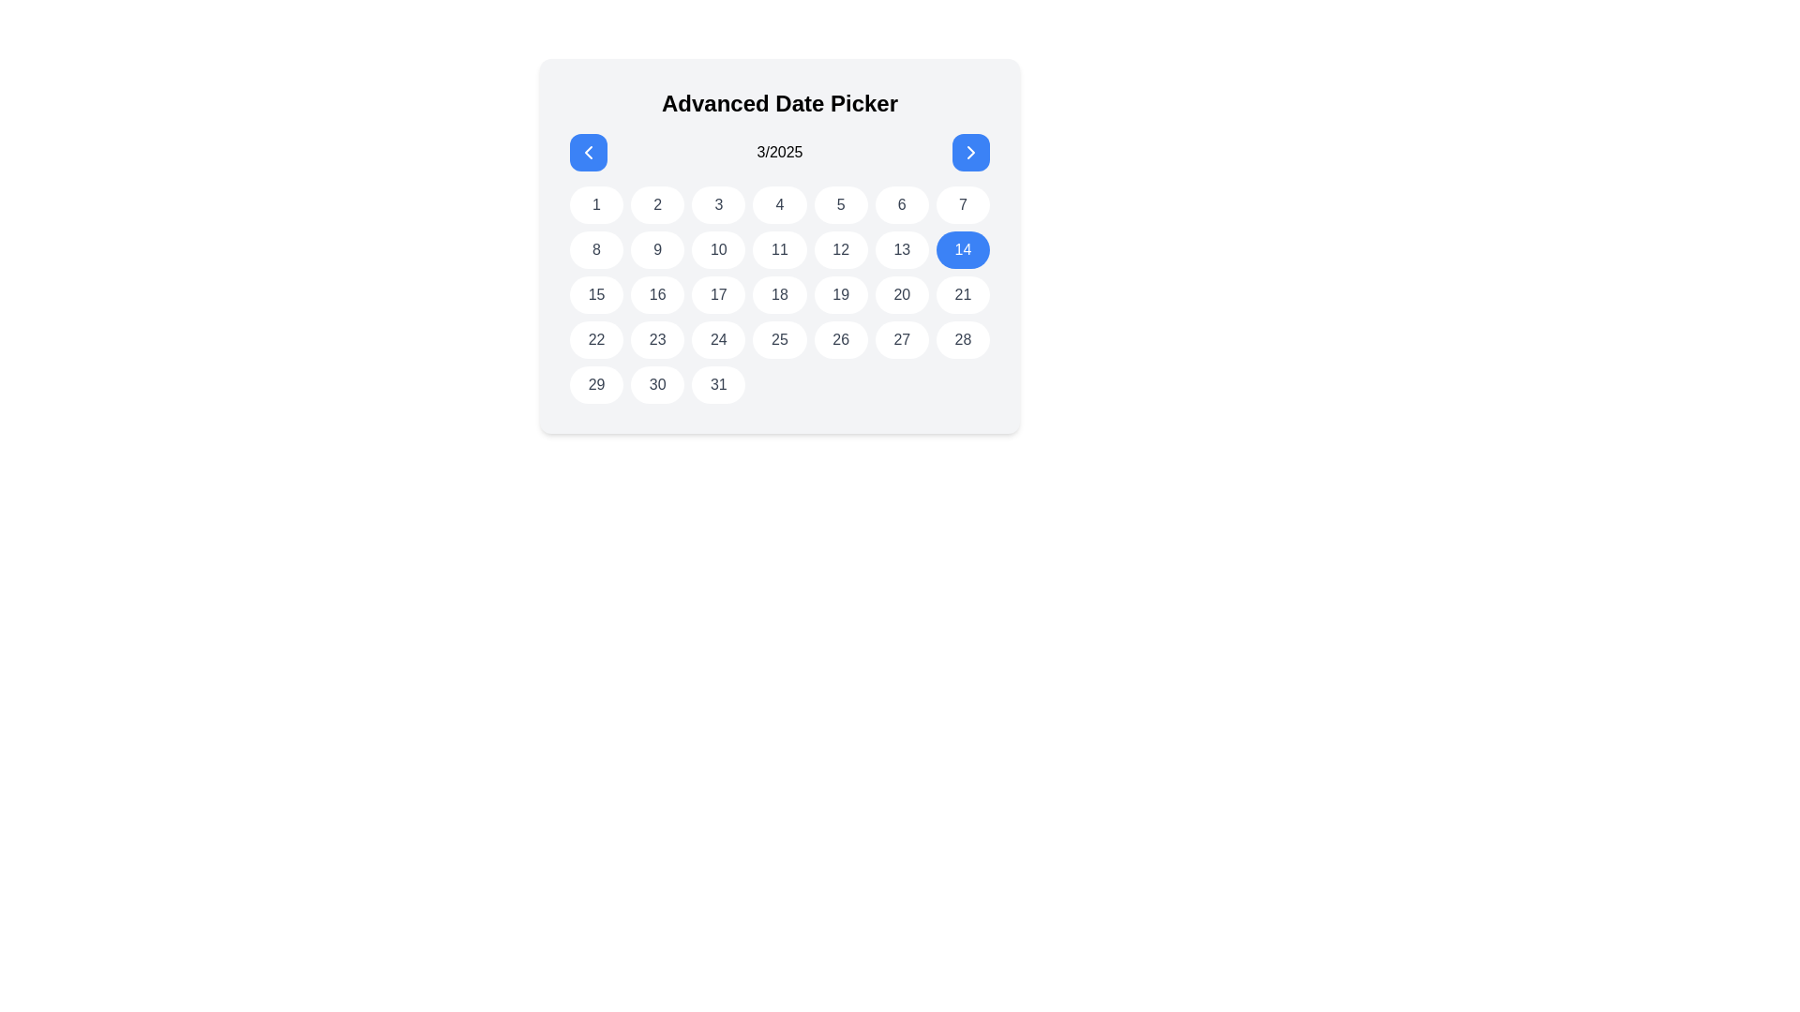  I want to click on the circular button labeled '19' in the fifth column and third row of the calendar grid, so click(840, 295).